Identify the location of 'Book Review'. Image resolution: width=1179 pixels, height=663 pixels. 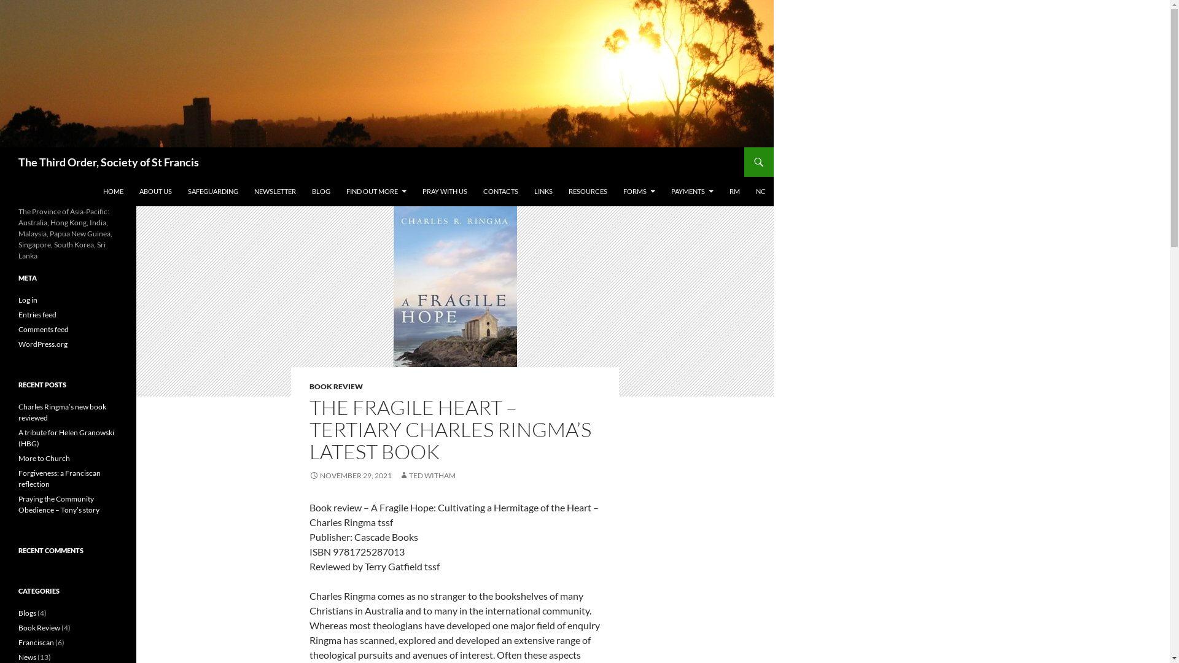
(39, 627).